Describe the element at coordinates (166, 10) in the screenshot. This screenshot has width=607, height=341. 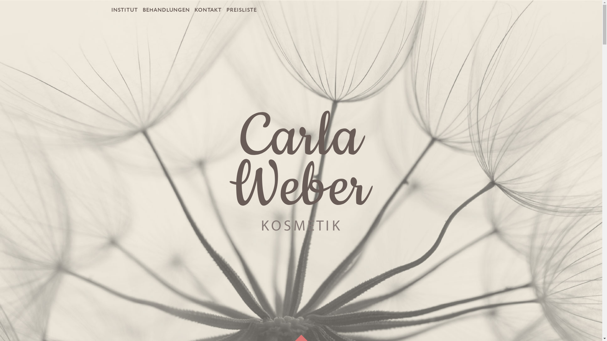
I see `'BEHANDLUNGEN'` at that location.